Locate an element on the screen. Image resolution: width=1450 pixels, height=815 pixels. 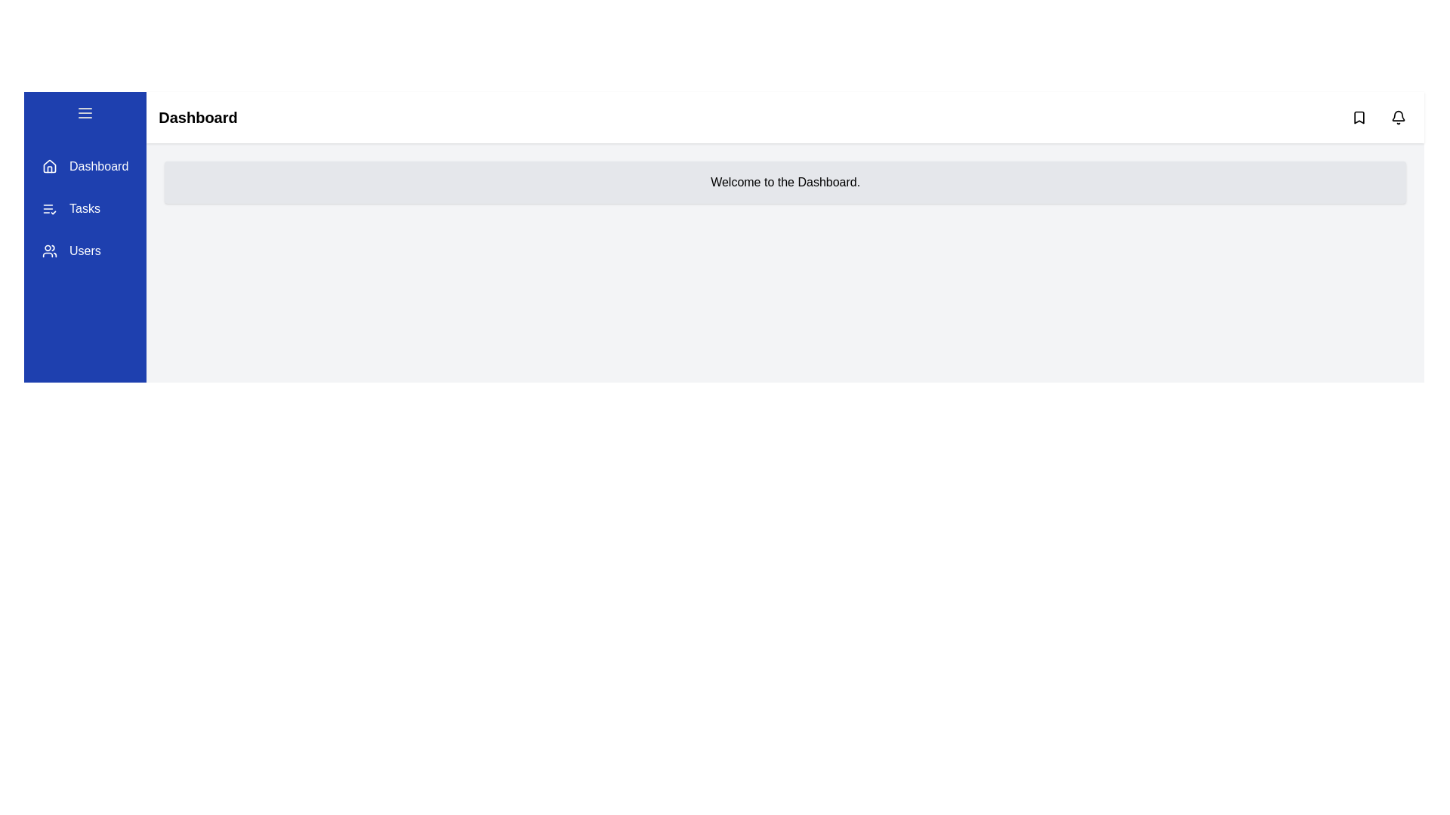
the Navigation Menu Section is located at coordinates (85, 209).